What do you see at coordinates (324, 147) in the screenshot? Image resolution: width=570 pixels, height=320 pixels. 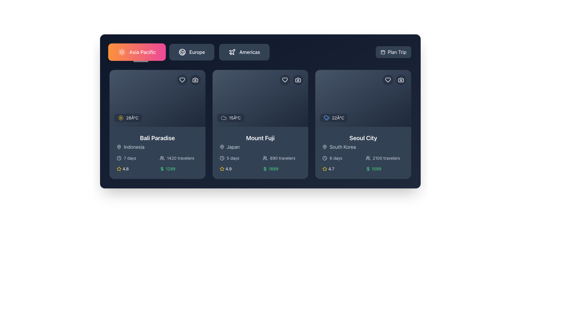 I see `the pin icon located in the 'Seoul City' card, situated in the bottom-left region close to the label 'South Korea'` at bounding box center [324, 147].